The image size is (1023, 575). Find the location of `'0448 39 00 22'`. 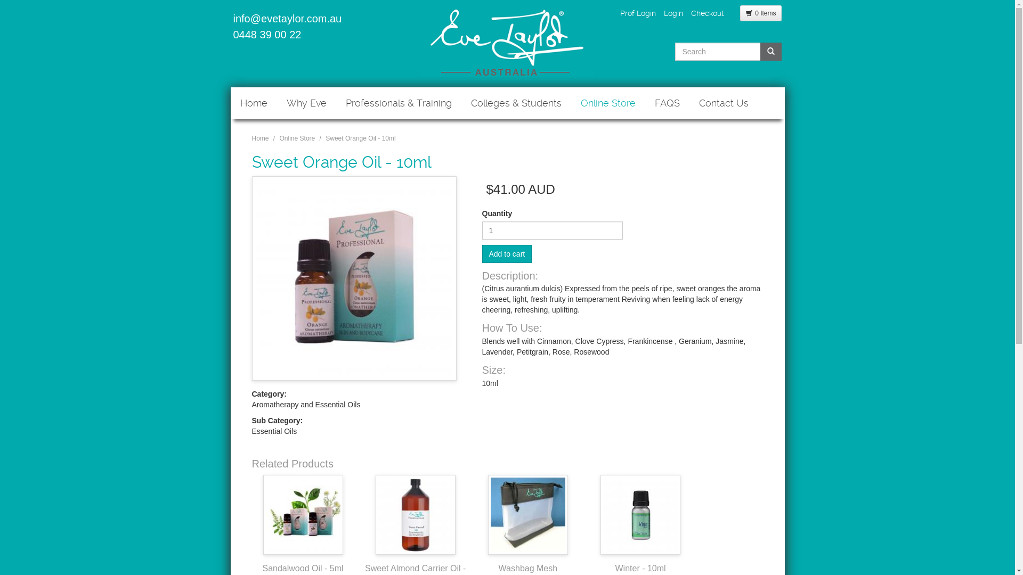

'0448 39 00 22' is located at coordinates (267, 34).